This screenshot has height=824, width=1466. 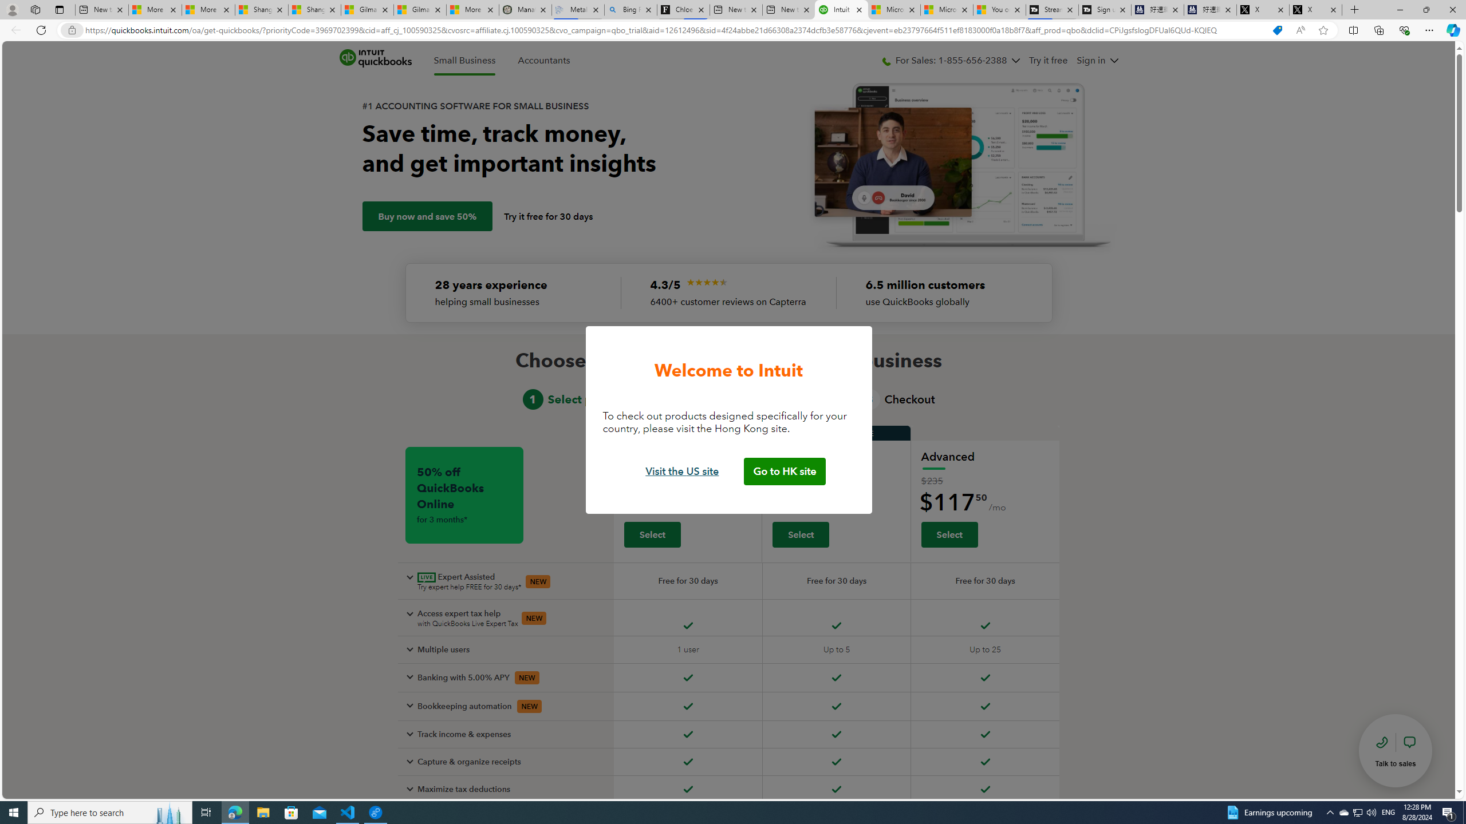 I want to click on 'talk to sales', so click(x=1396, y=750).